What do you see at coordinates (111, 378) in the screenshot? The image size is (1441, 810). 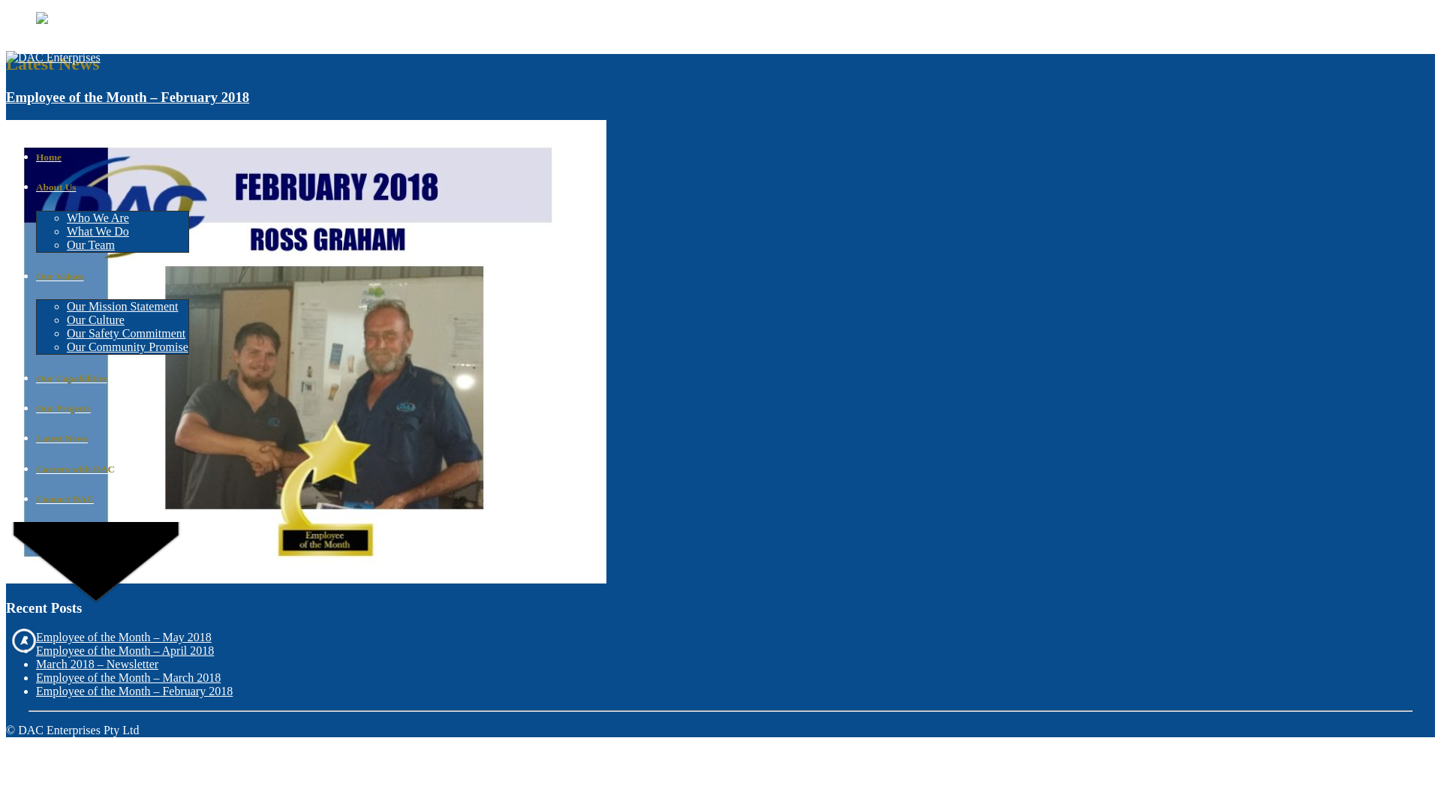 I see `'Our Capabilities'` at bounding box center [111, 378].